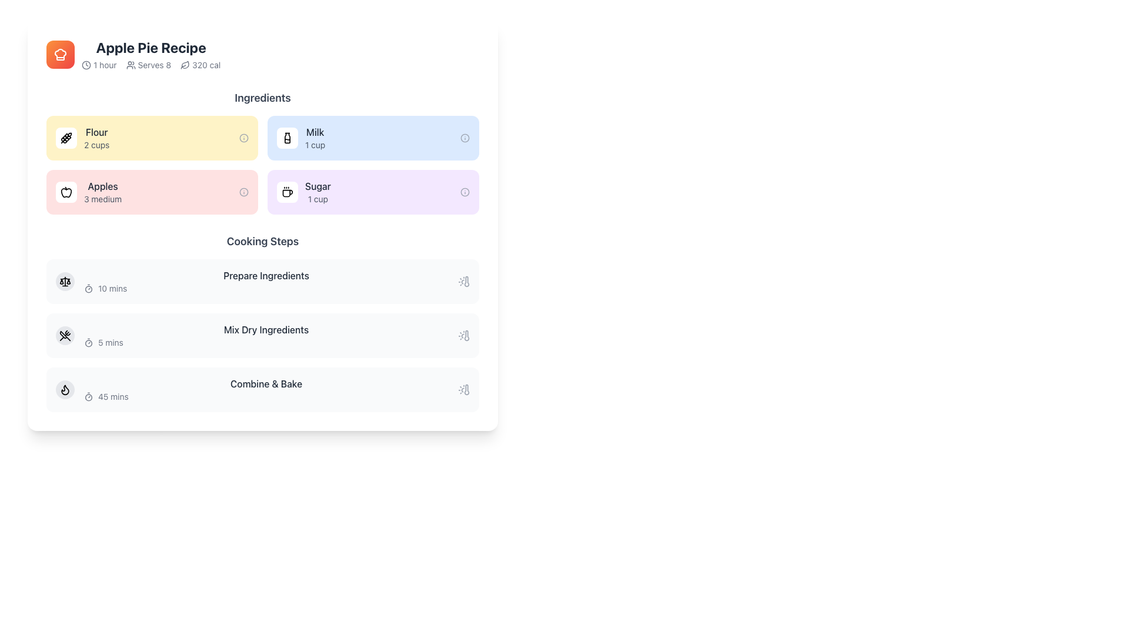 The image size is (1129, 635). Describe the element at coordinates (103, 192) in the screenshot. I see `the informational Text Label with Icon indicating 'Apples' and quantity '3 medium' in the Ingredients section for potential interaction` at that location.